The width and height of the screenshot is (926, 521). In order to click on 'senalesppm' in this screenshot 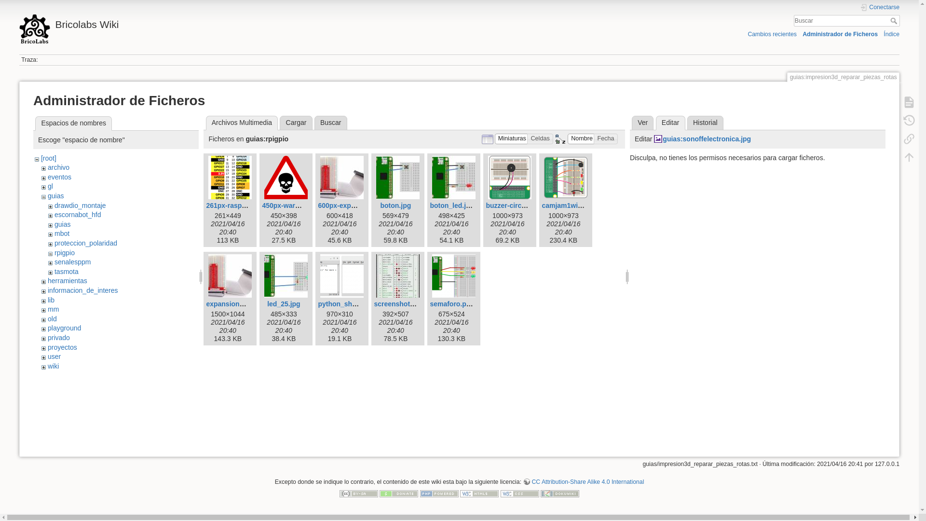, I will do `click(54, 262)`.